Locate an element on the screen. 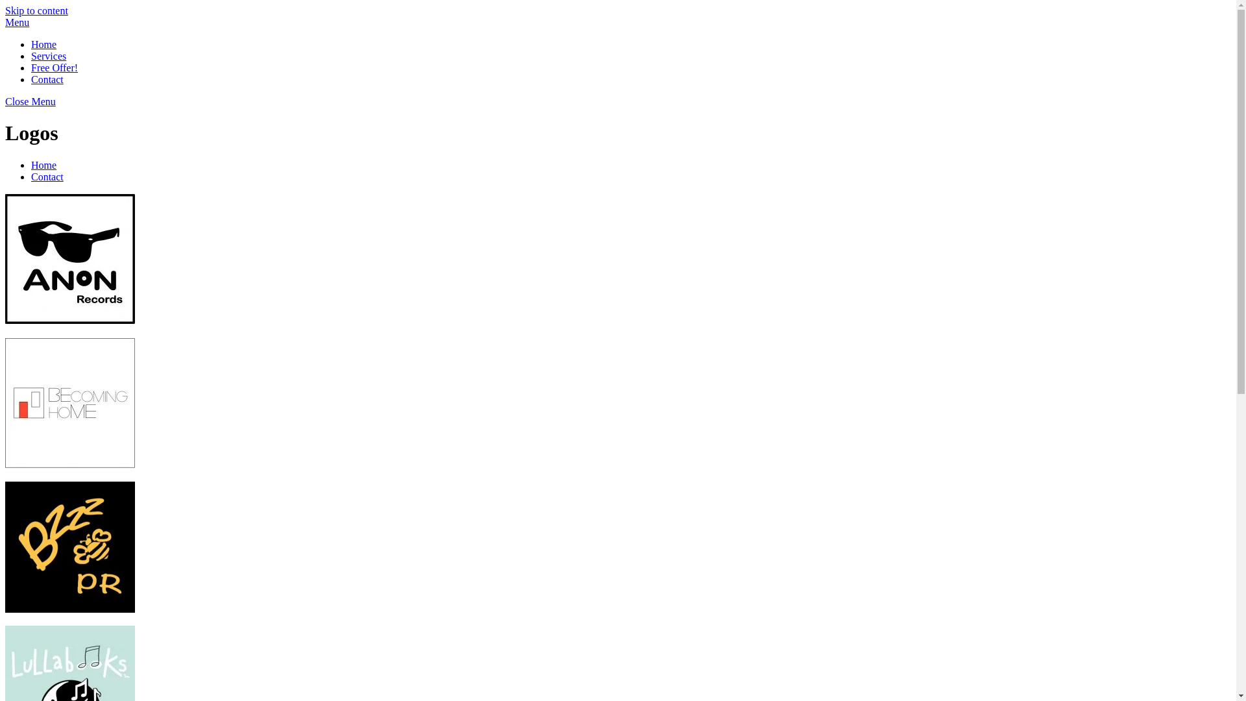  'BzzzPR tm' is located at coordinates (69, 547).